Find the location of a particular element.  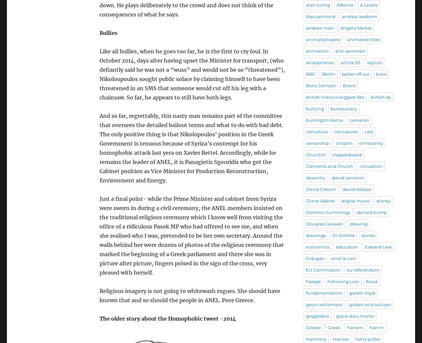

'Bullies' is located at coordinates (108, 32).